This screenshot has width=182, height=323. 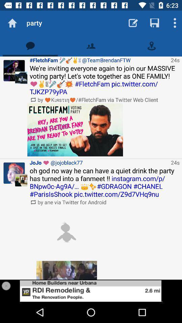 What do you see at coordinates (99, 162) in the screenshot?
I see `icon to the left of 24s` at bounding box center [99, 162].